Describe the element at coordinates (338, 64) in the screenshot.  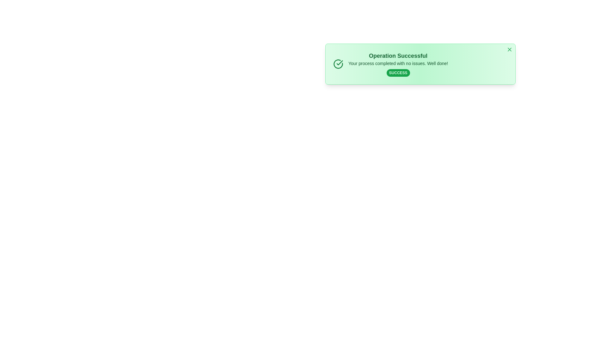
I see `the 'CheckCircle' icon` at that location.